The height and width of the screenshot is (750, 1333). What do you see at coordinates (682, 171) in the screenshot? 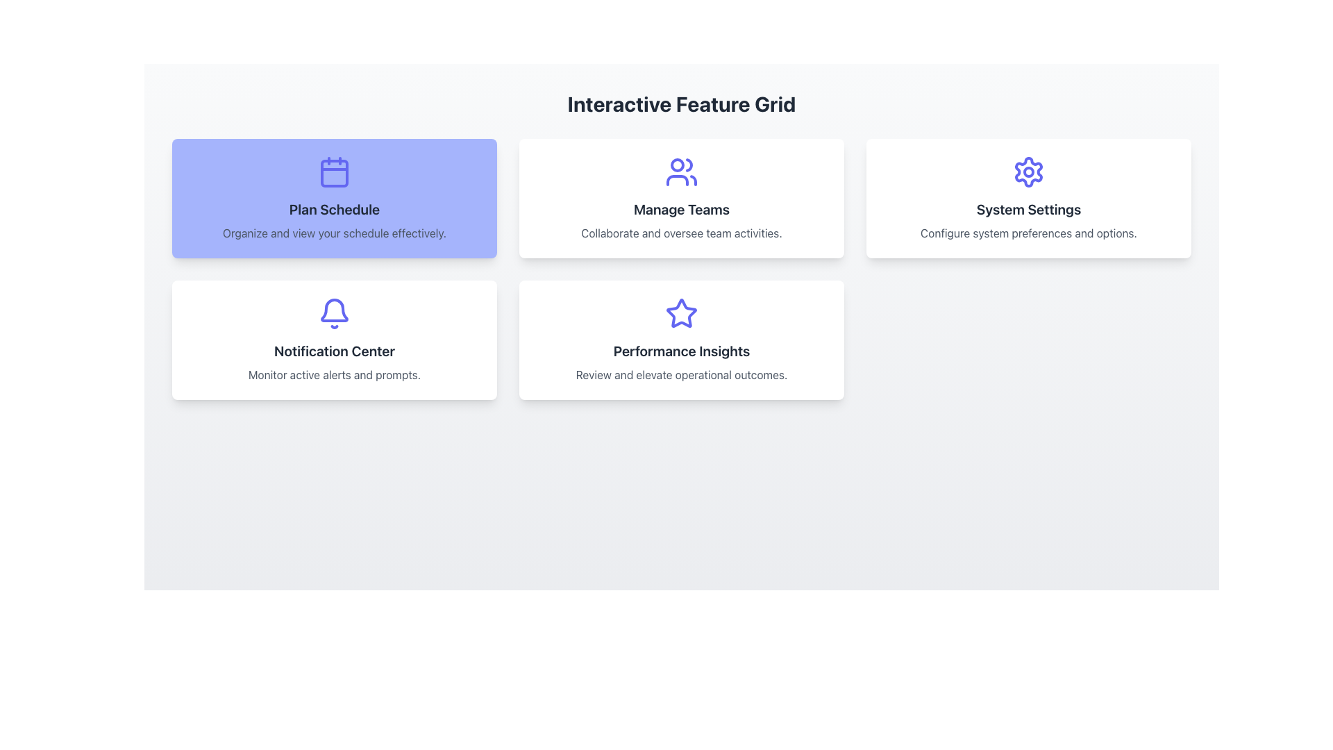
I see `the icon depicting a group of people, styled with a purple shade, located above the title 'Manage Teams' in the top-right section of the card` at bounding box center [682, 171].